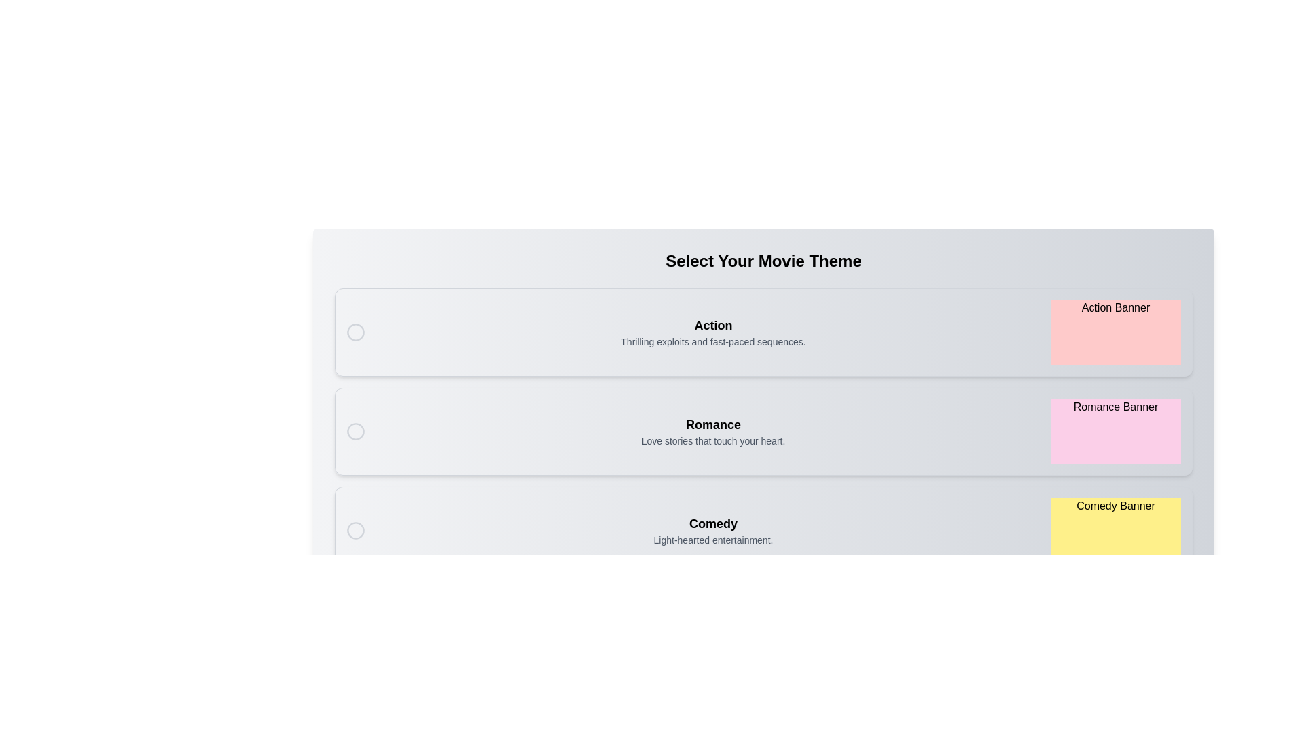 The height and width of the screenshot is (733, 1304). Describe the element at coordinates (712, 441) in the screenshot. I see `the static text element that provides a descriptive tagline for the 'Romance' section, located directly below the 'Romance' heading in the middle card of the vertically stacked list` at that location.